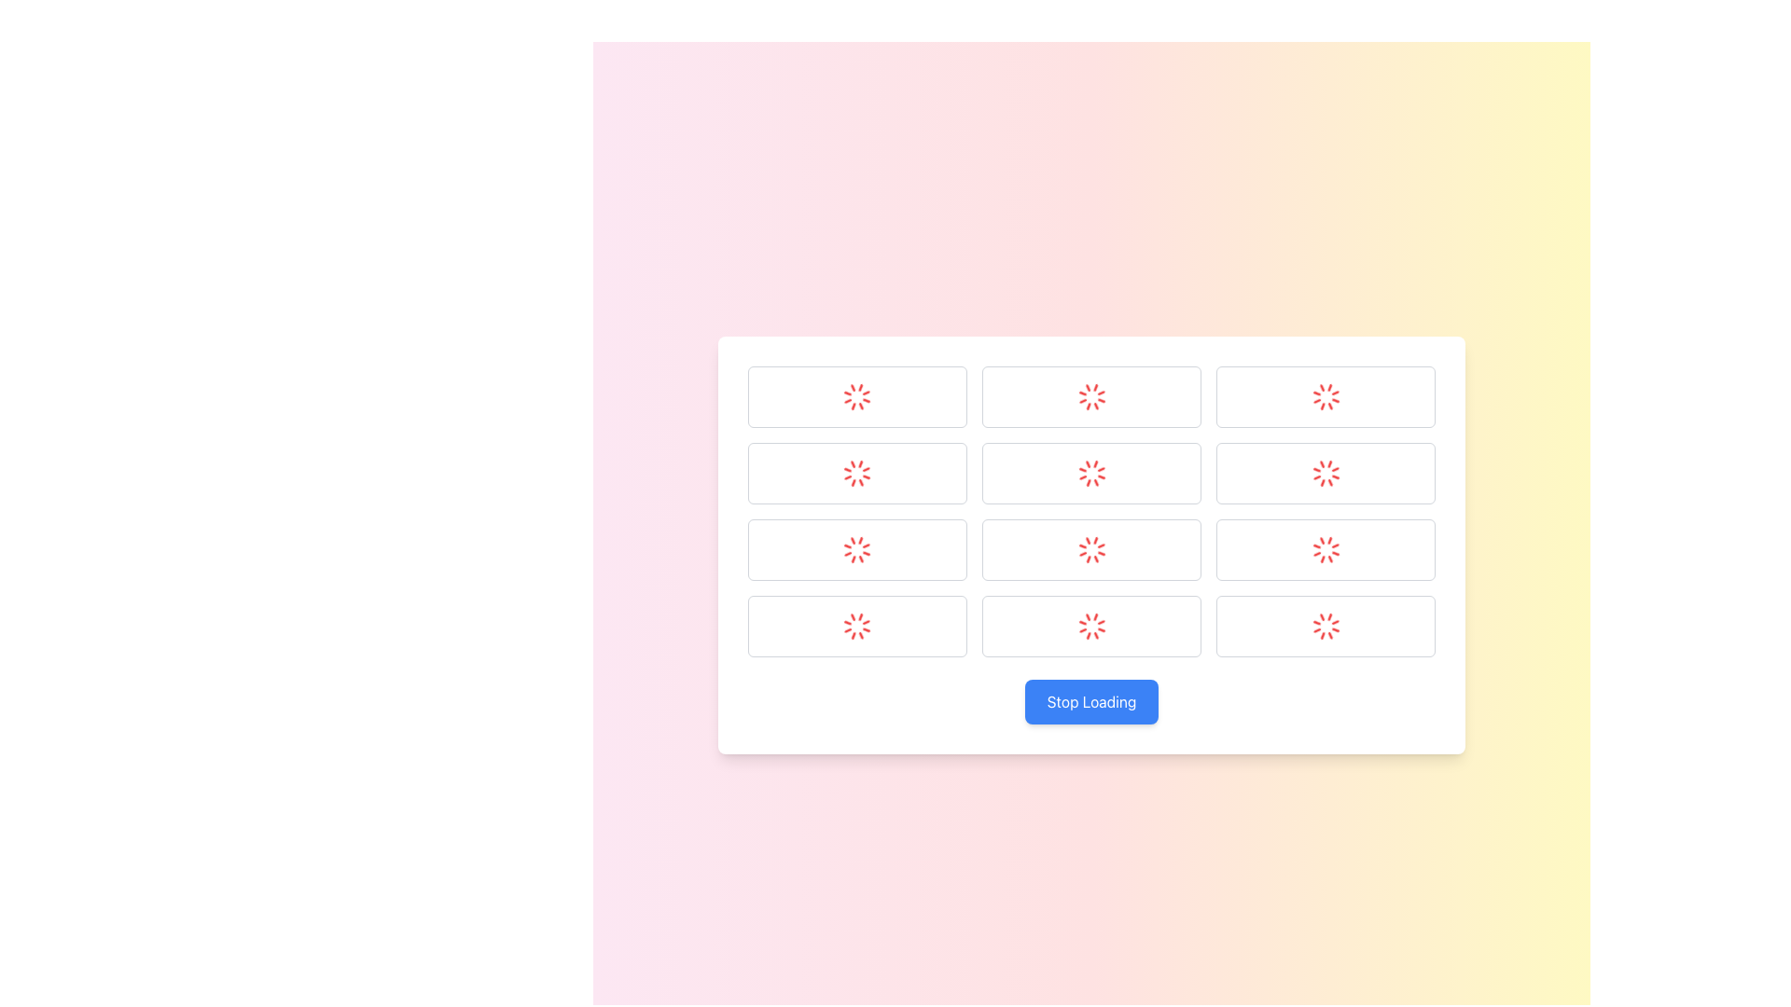  Describe the element at coordinates (1325, 395) in the screenshot. I see `the loader icon, which is the second icon in the third row of a grid layout indicating a loading process` at that location.